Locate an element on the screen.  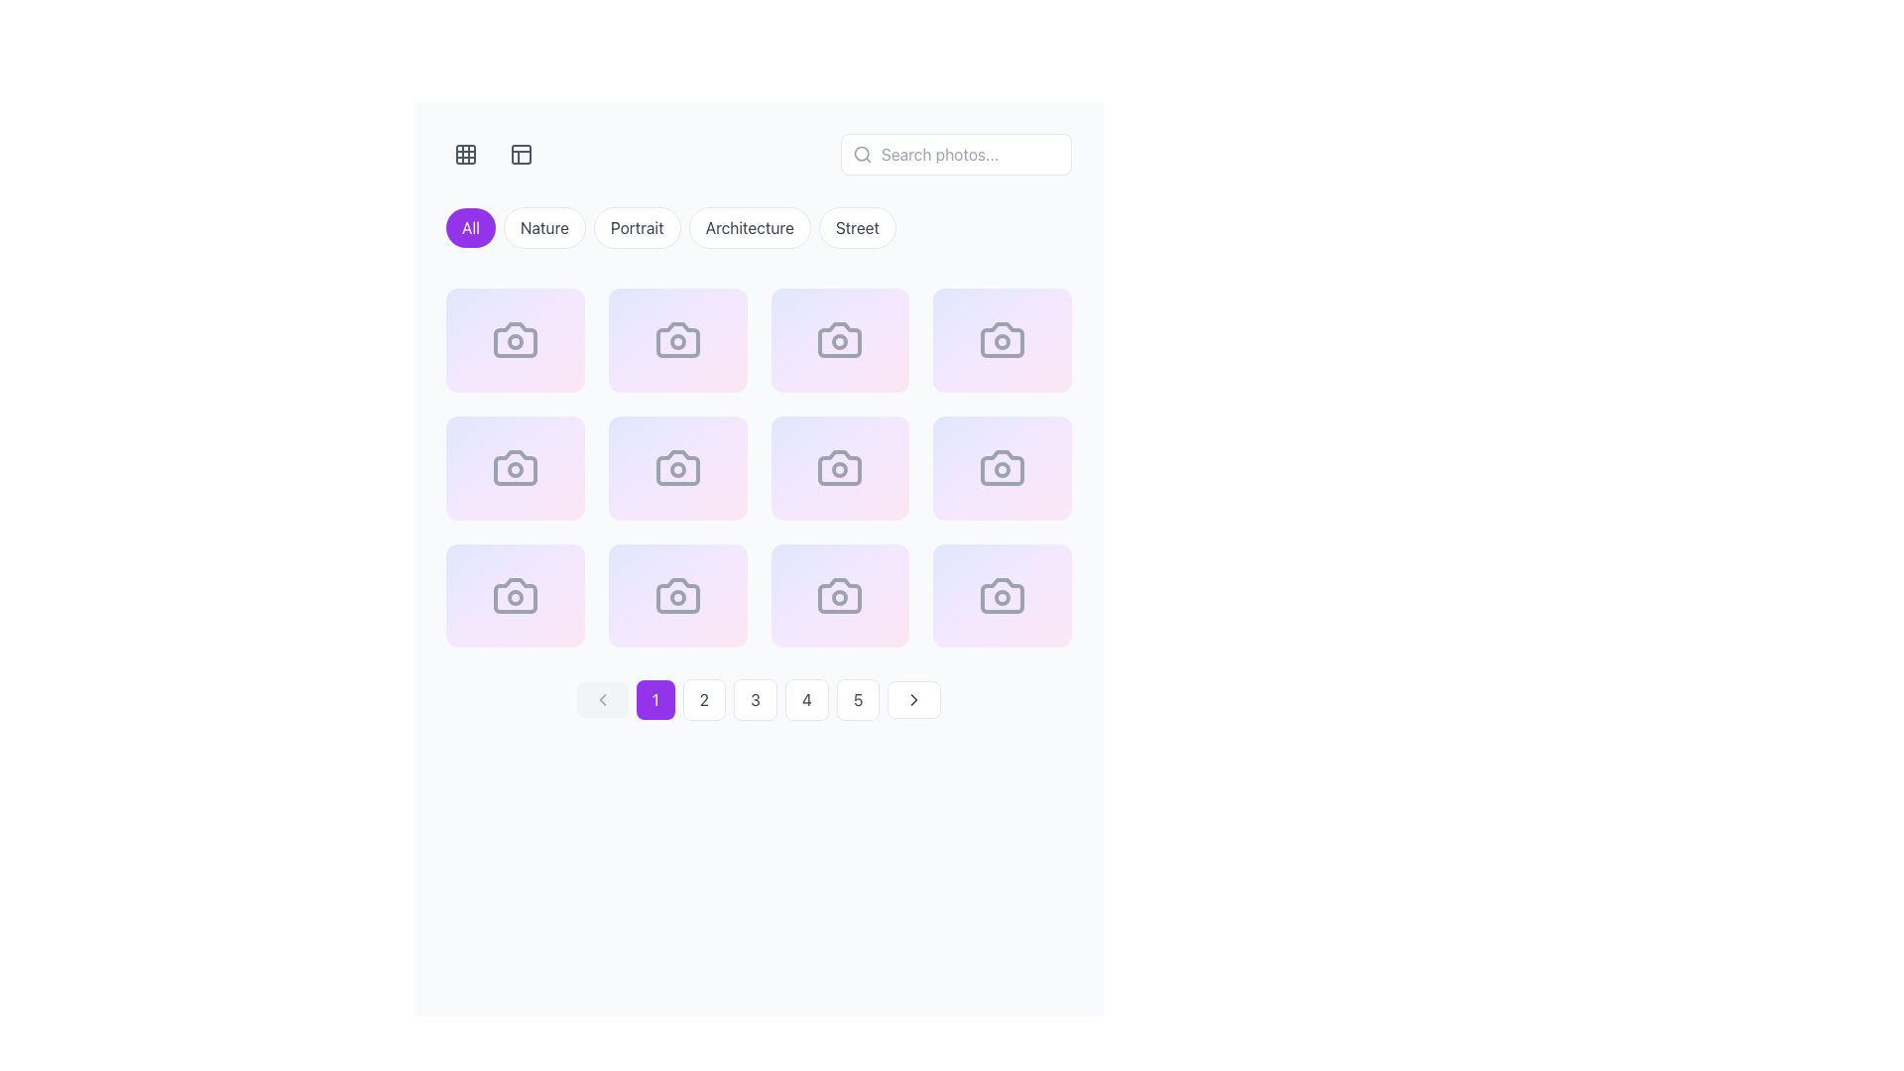
the camera icon, which is a rounded rectangular shape with a protruding viewfinder, located in the third column of the second row in a grid layout is located at coordinates (677, 468).